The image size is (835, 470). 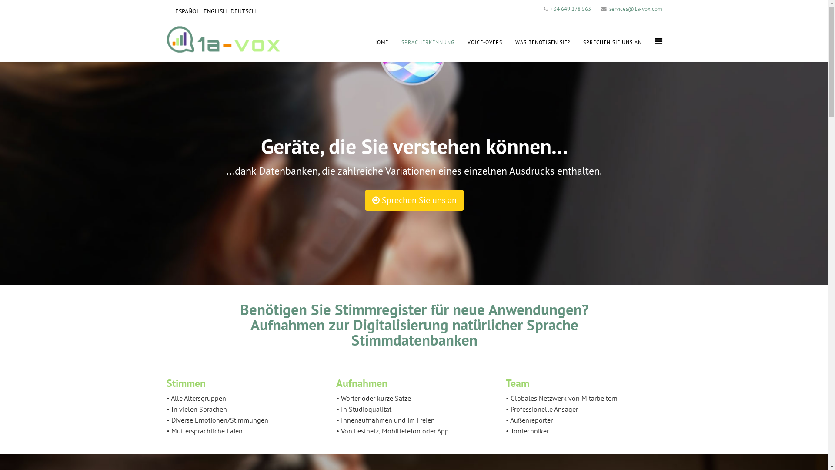 I want to click on 'ENGLISH', so click(x=215, y=11).